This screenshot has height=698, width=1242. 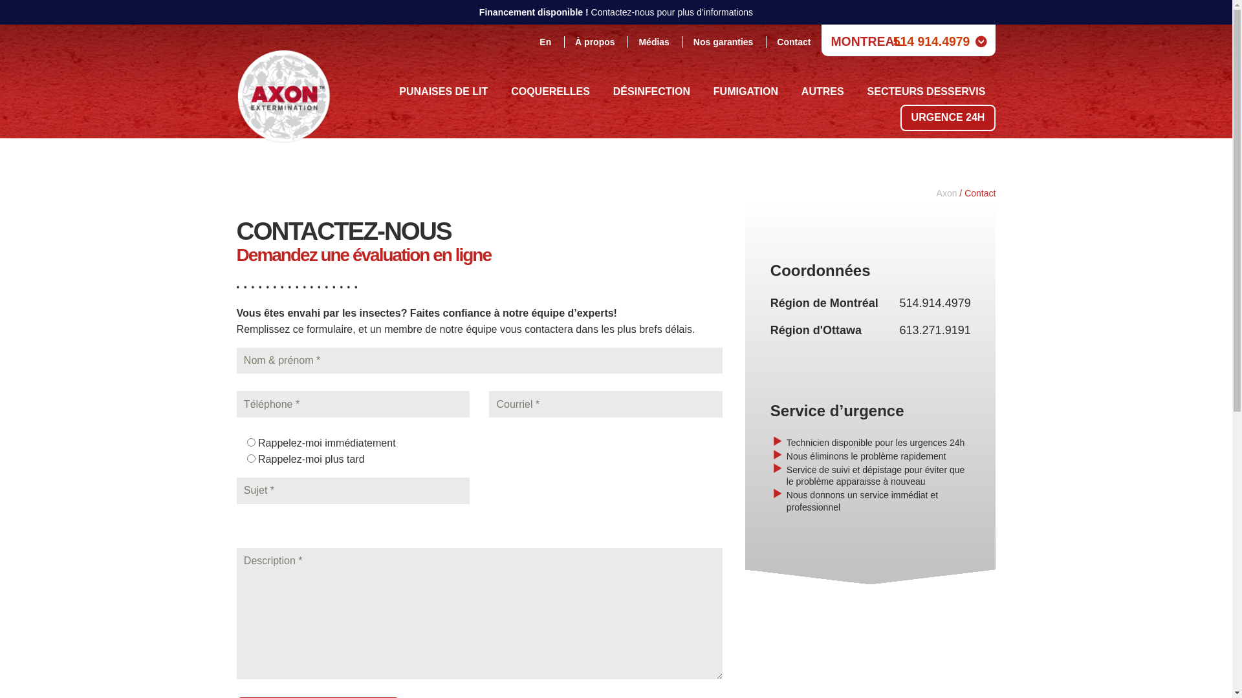 What do you see at coordinates (822, 91) in the screenshot?
I see `'AUTRES'` at bounding box center [822, 91].